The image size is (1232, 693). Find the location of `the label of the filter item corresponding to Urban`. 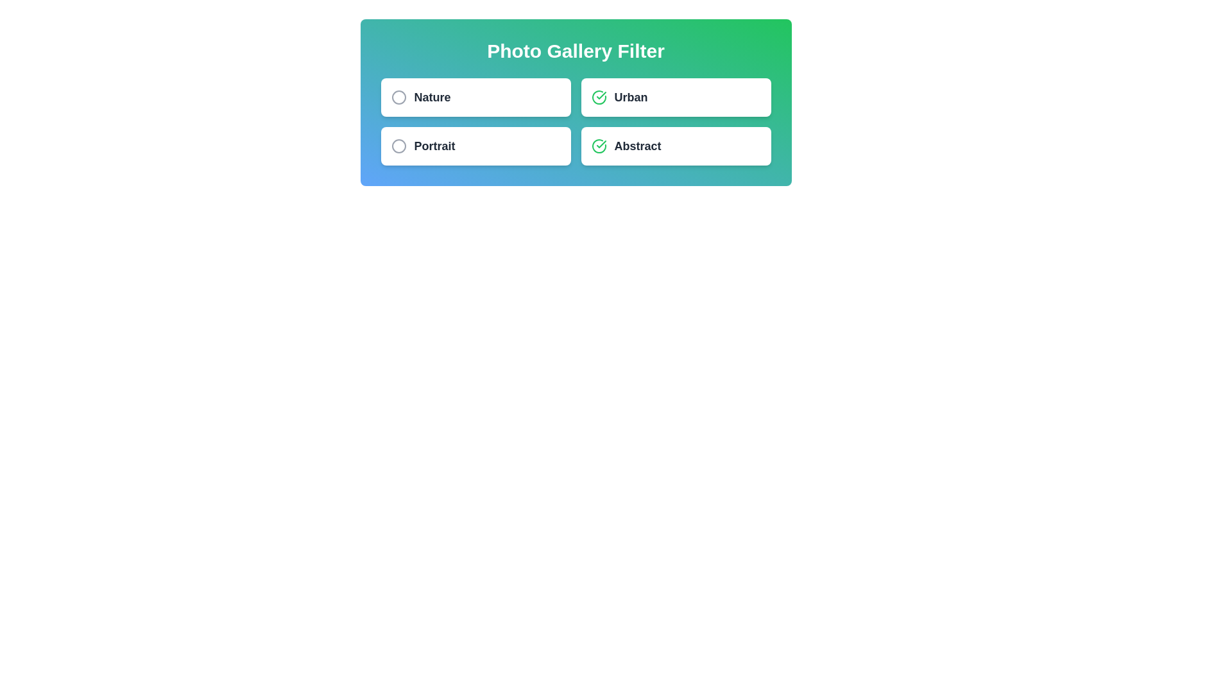

the label of the filter item corresponding to Urban is located at coordinates (631, 96).